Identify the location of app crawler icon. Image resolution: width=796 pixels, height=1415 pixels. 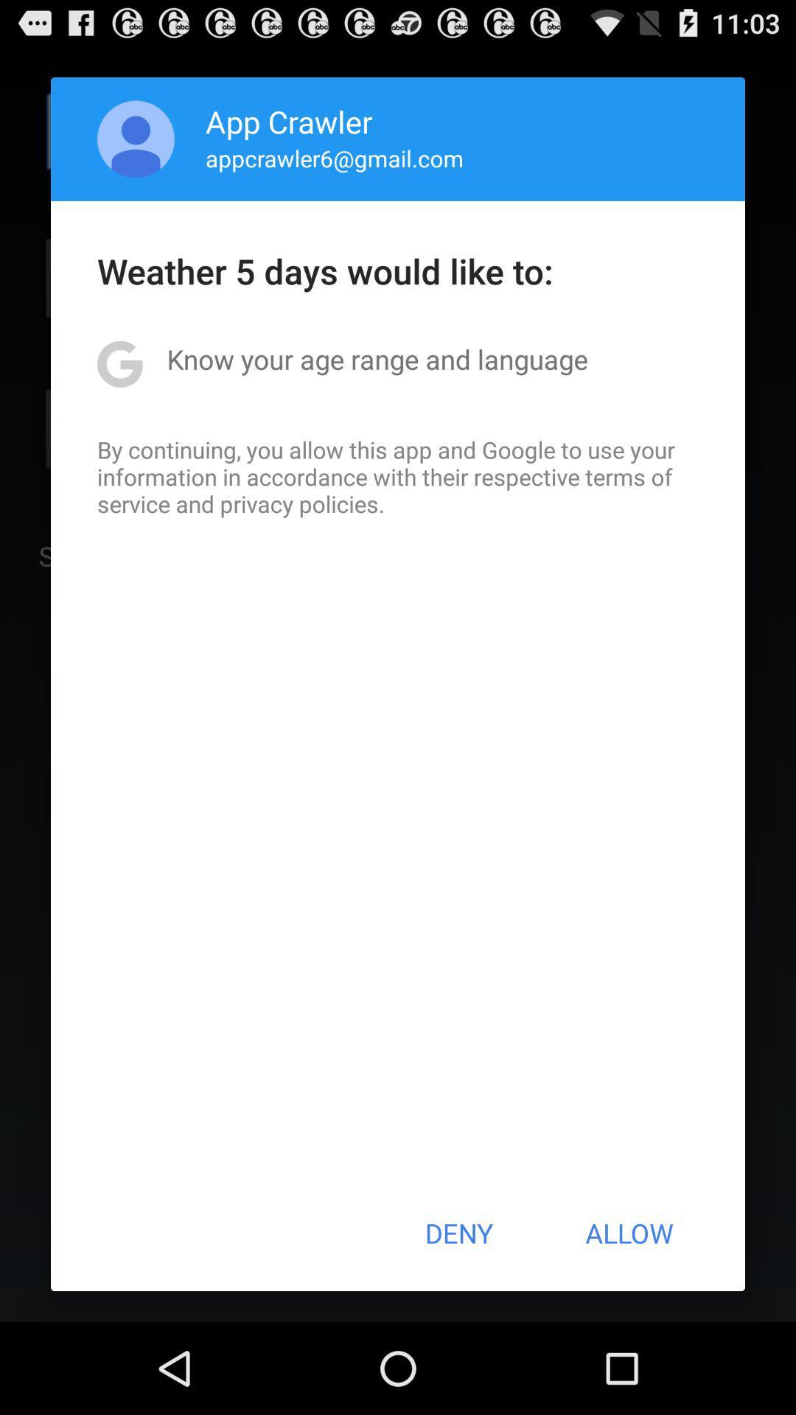
(289, 121).